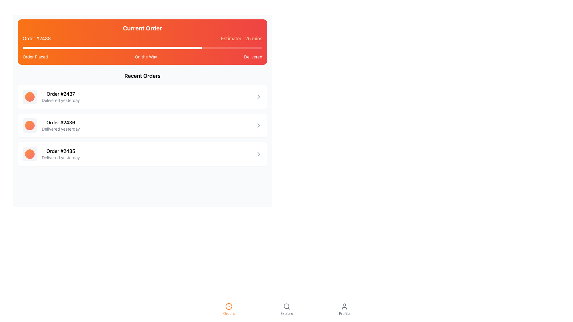 Image resolution: width=573 pixels, height=322 pixels. What do you see at coordinates (142, 47) in the screenshot?
I see `the central segment of the 'Current Order' section in the Progress tracker, which visually represents the ongoing order's status and estimated delivery time` at bounding box center [142, 47].